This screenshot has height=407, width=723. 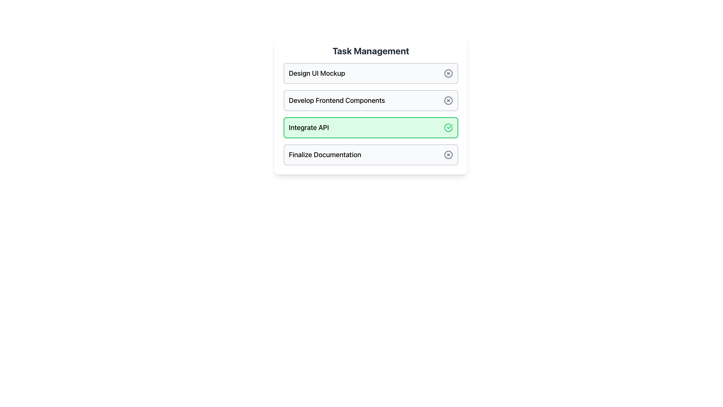 I want to click on the text label displaying 'Finalize Documentation' located at the bottom of the task entries in the 'Task Management' section, so click(x=325, y=155).